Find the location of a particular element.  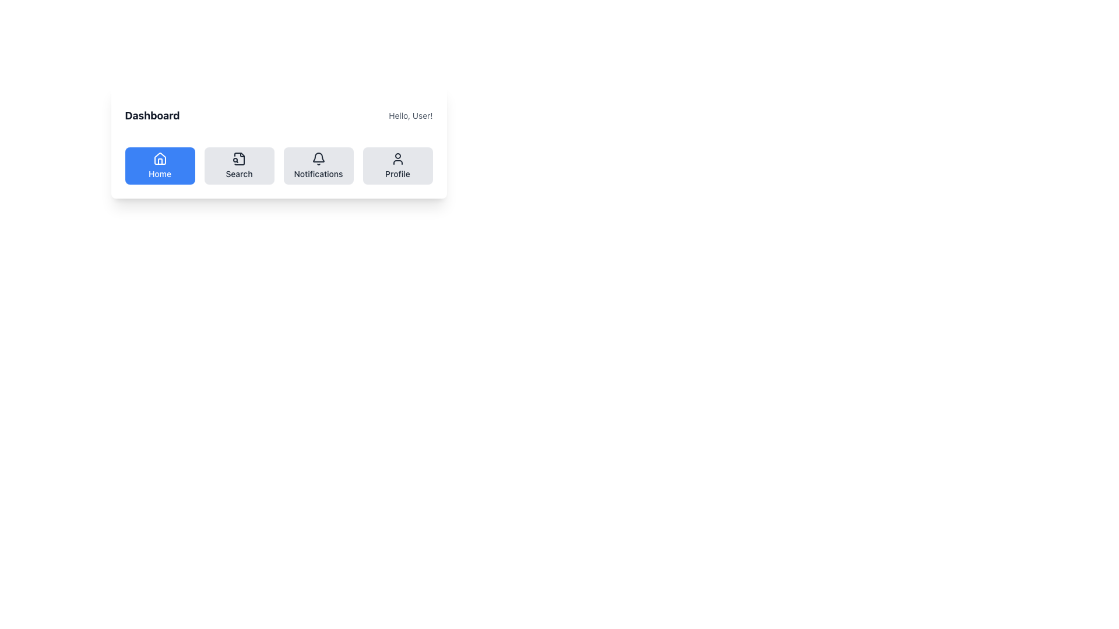

the bold 'Dashboard' text located in the top left area of the navigation bar or header is located at coordinates (152, 116).